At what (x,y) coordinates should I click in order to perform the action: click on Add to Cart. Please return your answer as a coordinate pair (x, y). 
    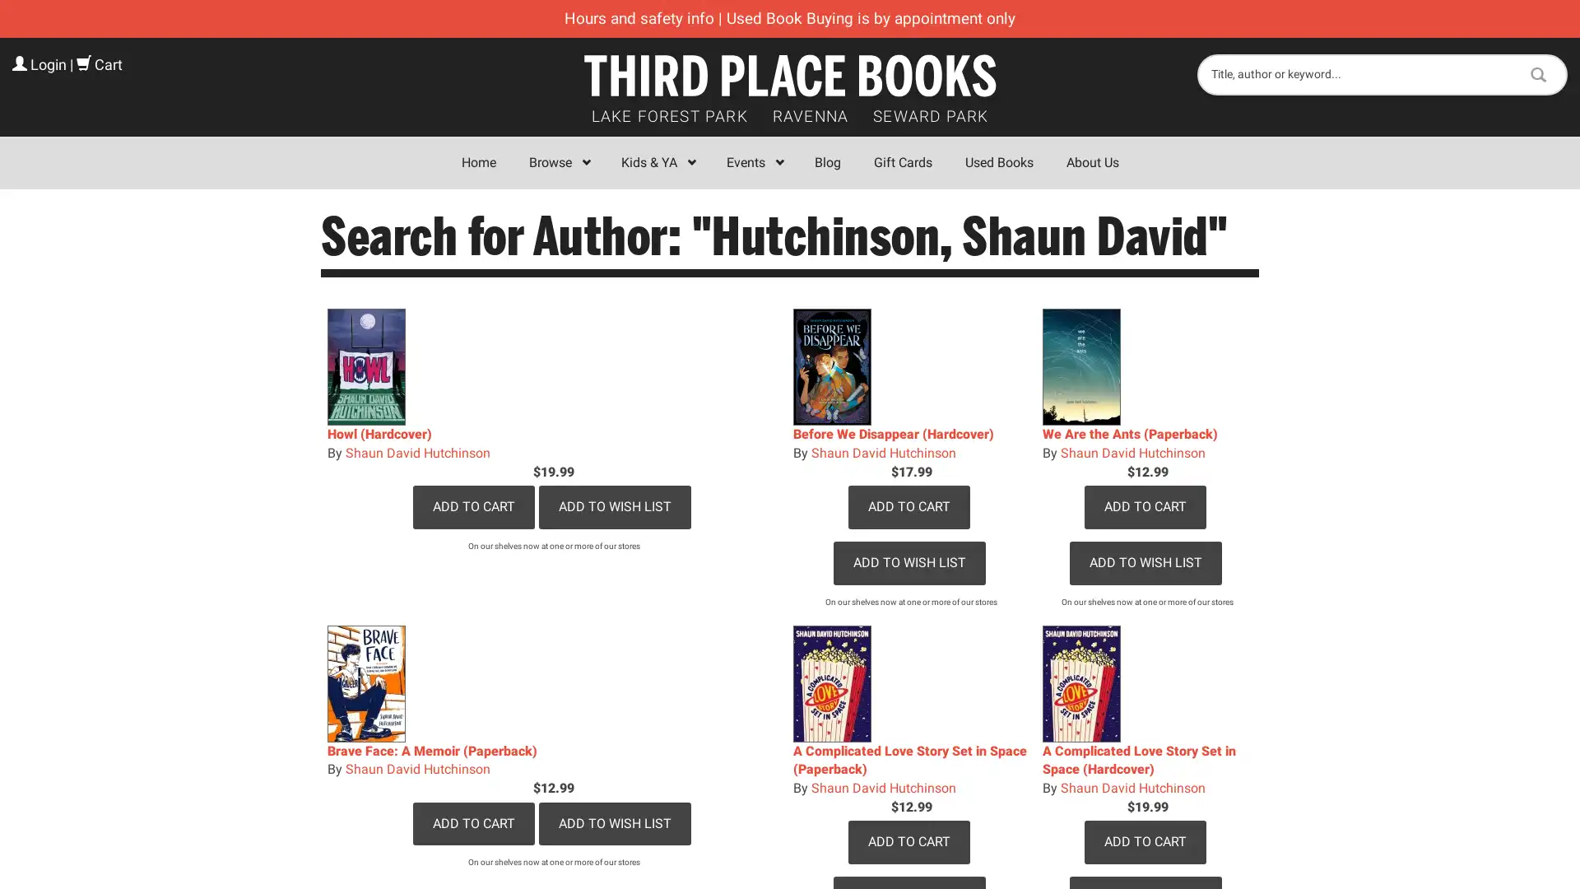
    Looking at the image, I should click on (472, 823).